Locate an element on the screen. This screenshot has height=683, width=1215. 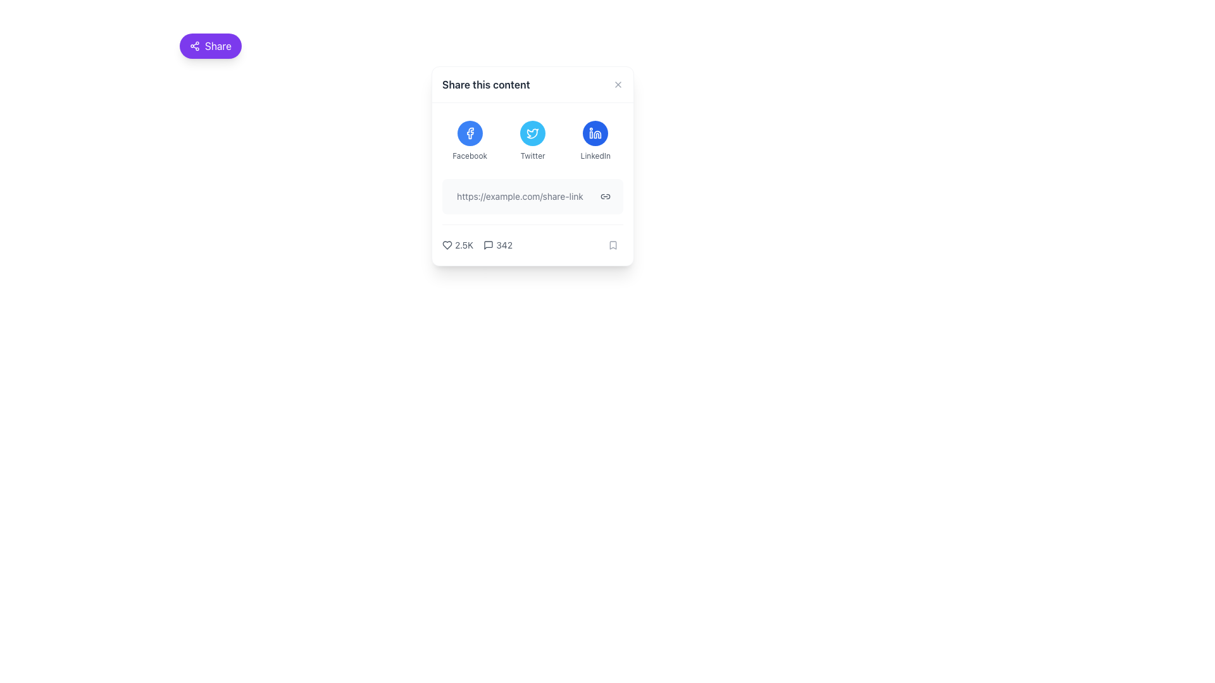
the Facebook sharing button located as the first button in a grid layout, preceding the Twitter and LinkedIn buttons is located at coordinates (469, 141).